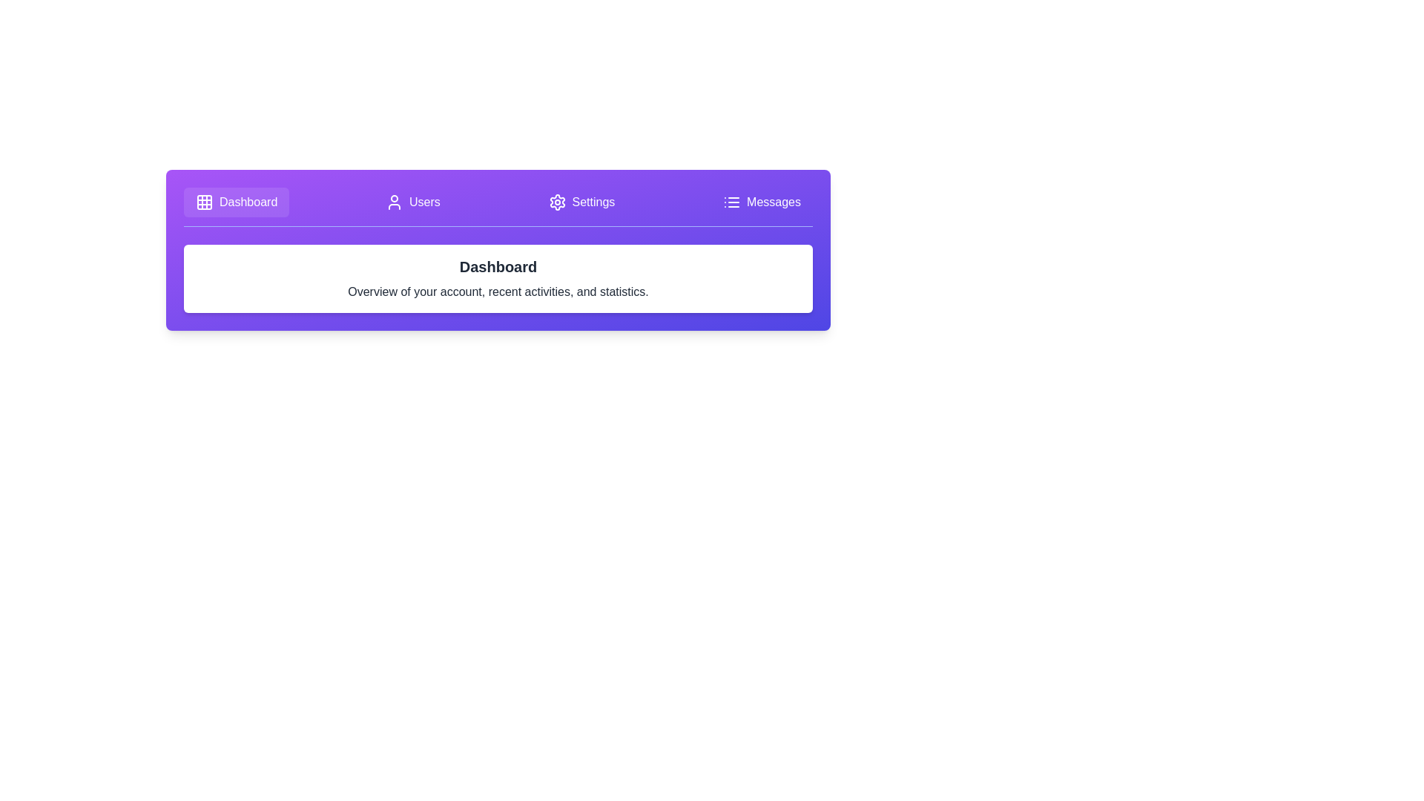 The height and width of the screenshot is (801, 1424). Describe the element at coordinates (236, 202) in the screenshot. I see `the 'Dashboard' button, which is a rectangular button with rounded corners, located in the navigation bar, to trigger hover effects` at that location.